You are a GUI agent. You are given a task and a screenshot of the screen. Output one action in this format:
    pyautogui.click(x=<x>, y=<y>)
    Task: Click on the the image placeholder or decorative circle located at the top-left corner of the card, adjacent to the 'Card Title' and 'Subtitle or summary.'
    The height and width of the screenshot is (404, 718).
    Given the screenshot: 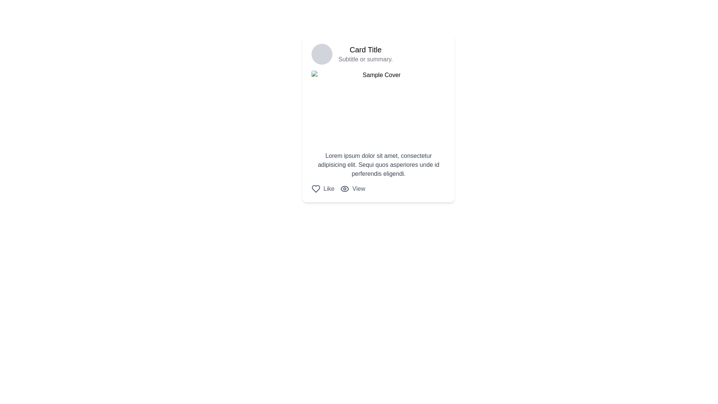 What is the action you would take?
    pyautogui.click(x=322, y=54)
    